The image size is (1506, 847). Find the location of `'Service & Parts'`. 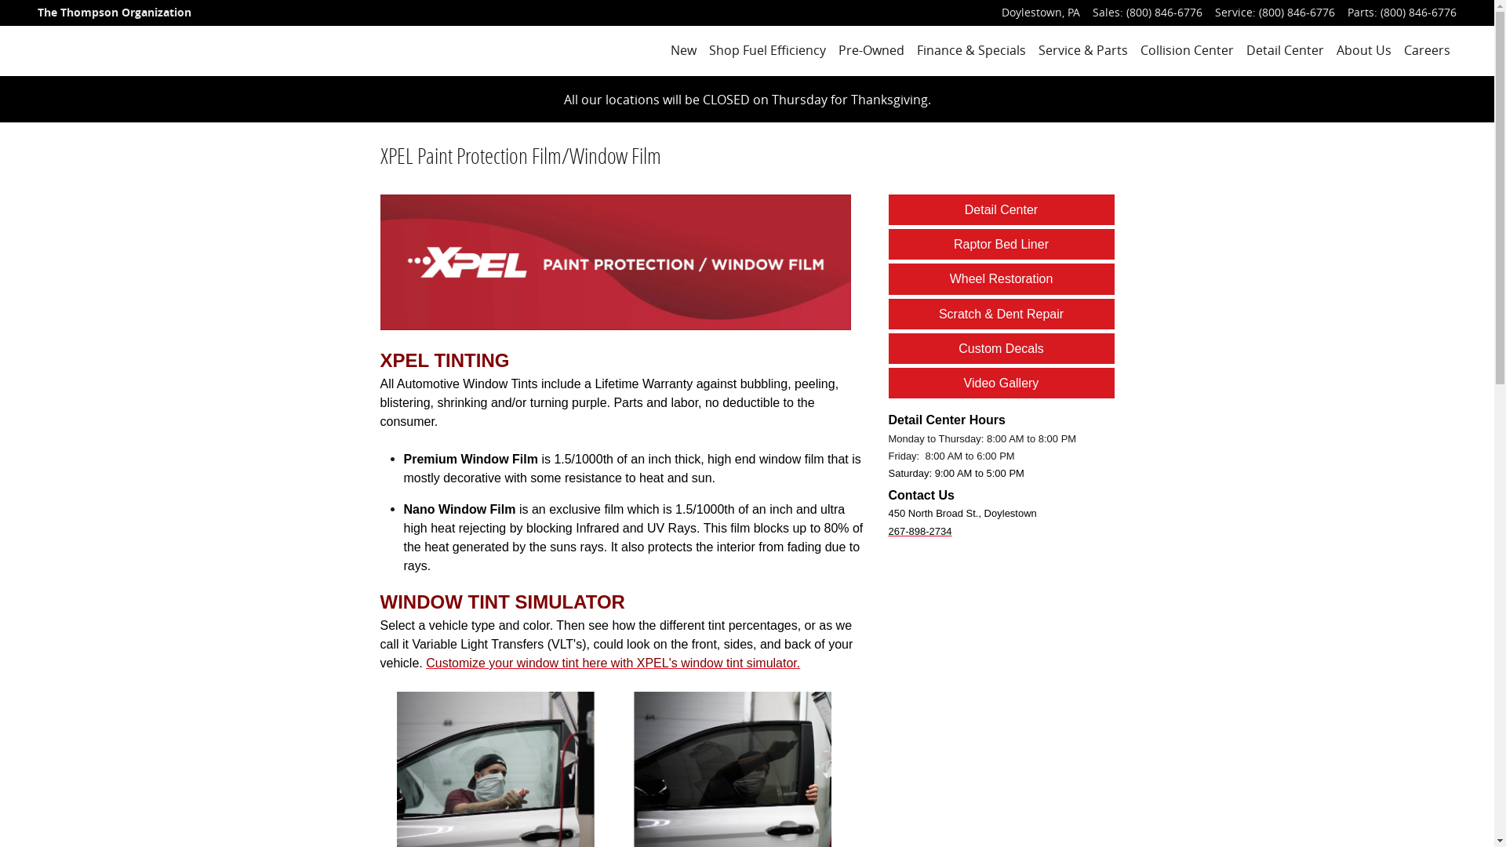

'Service & Parts' is located at coordinates (1039, 50).